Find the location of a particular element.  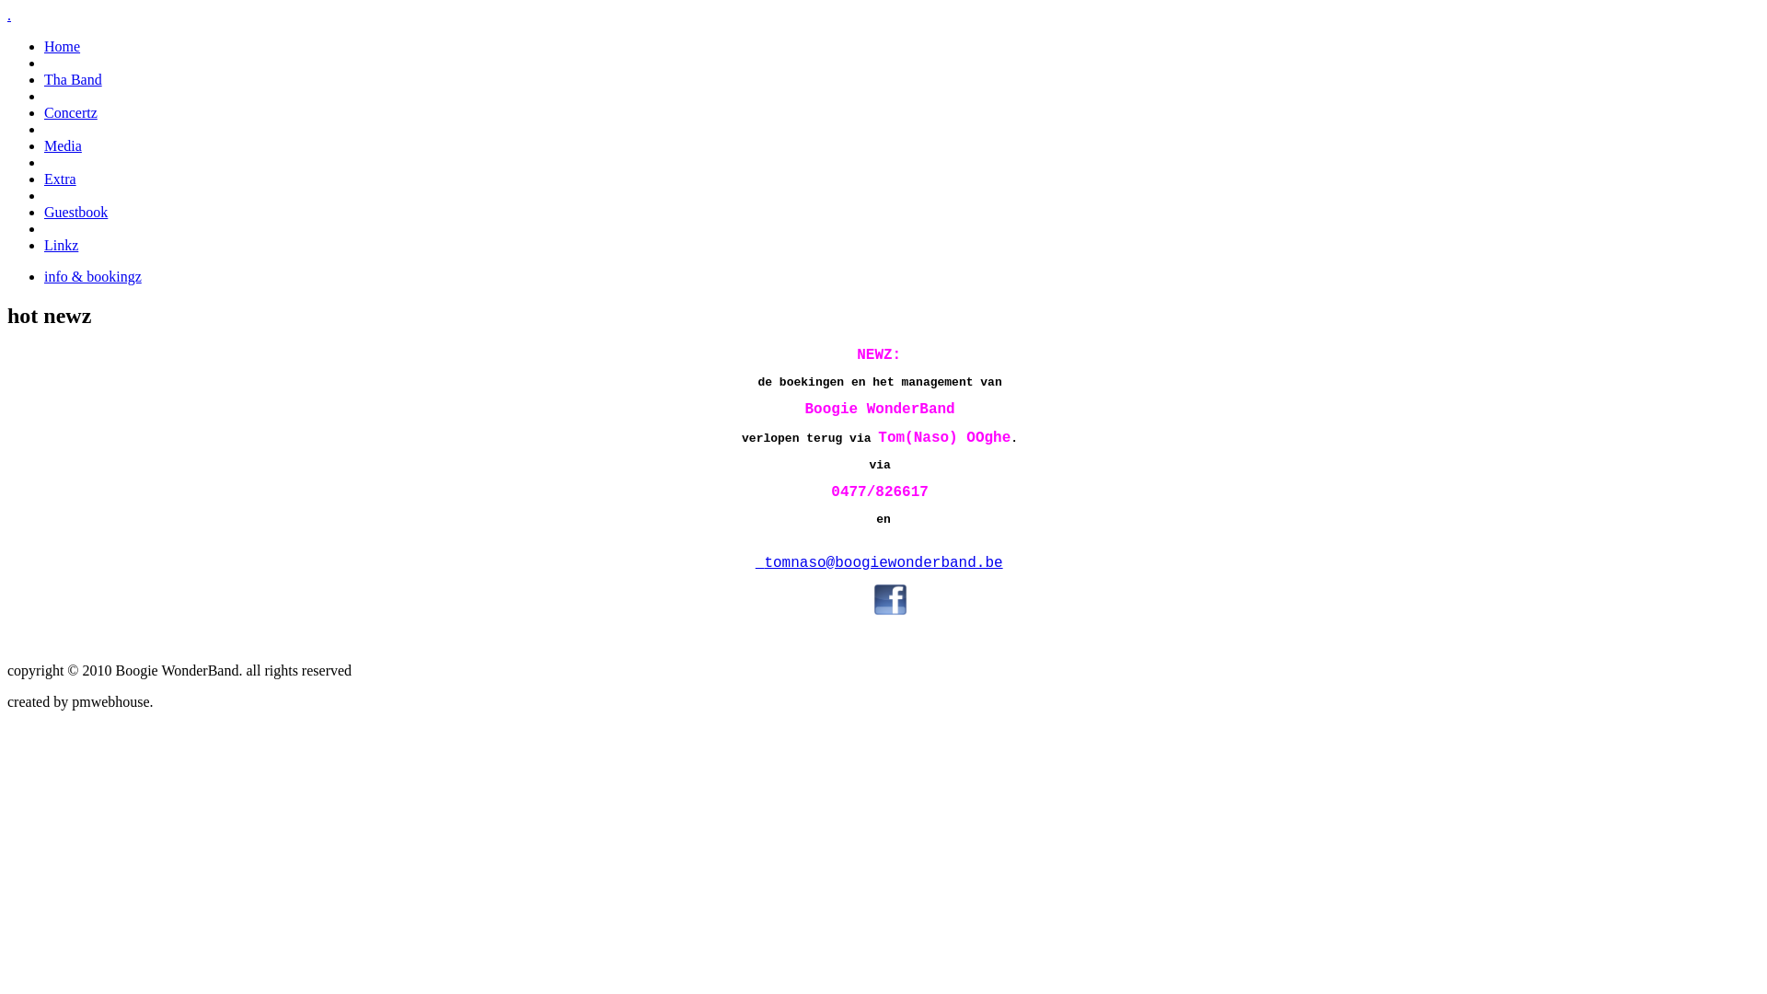

'info & bookingz' is located at coordinates (91, 276).